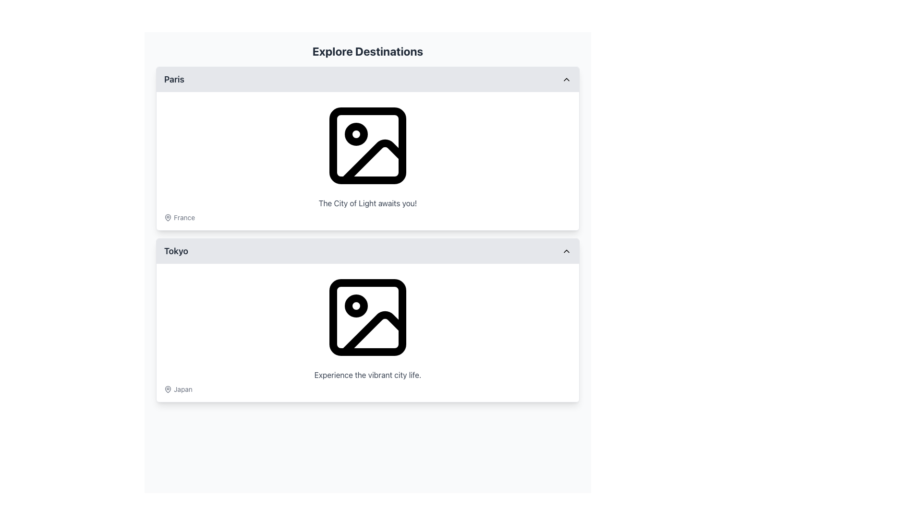 The width and height of the screenshot is (922, 518). I want to click on the Image and Text Combination element that features a circular and triangular motif with the text 'Experience the vibrant city life.' and 'Japan' below, located centrally within the card titled 'Tokyo', so click(367, 332).